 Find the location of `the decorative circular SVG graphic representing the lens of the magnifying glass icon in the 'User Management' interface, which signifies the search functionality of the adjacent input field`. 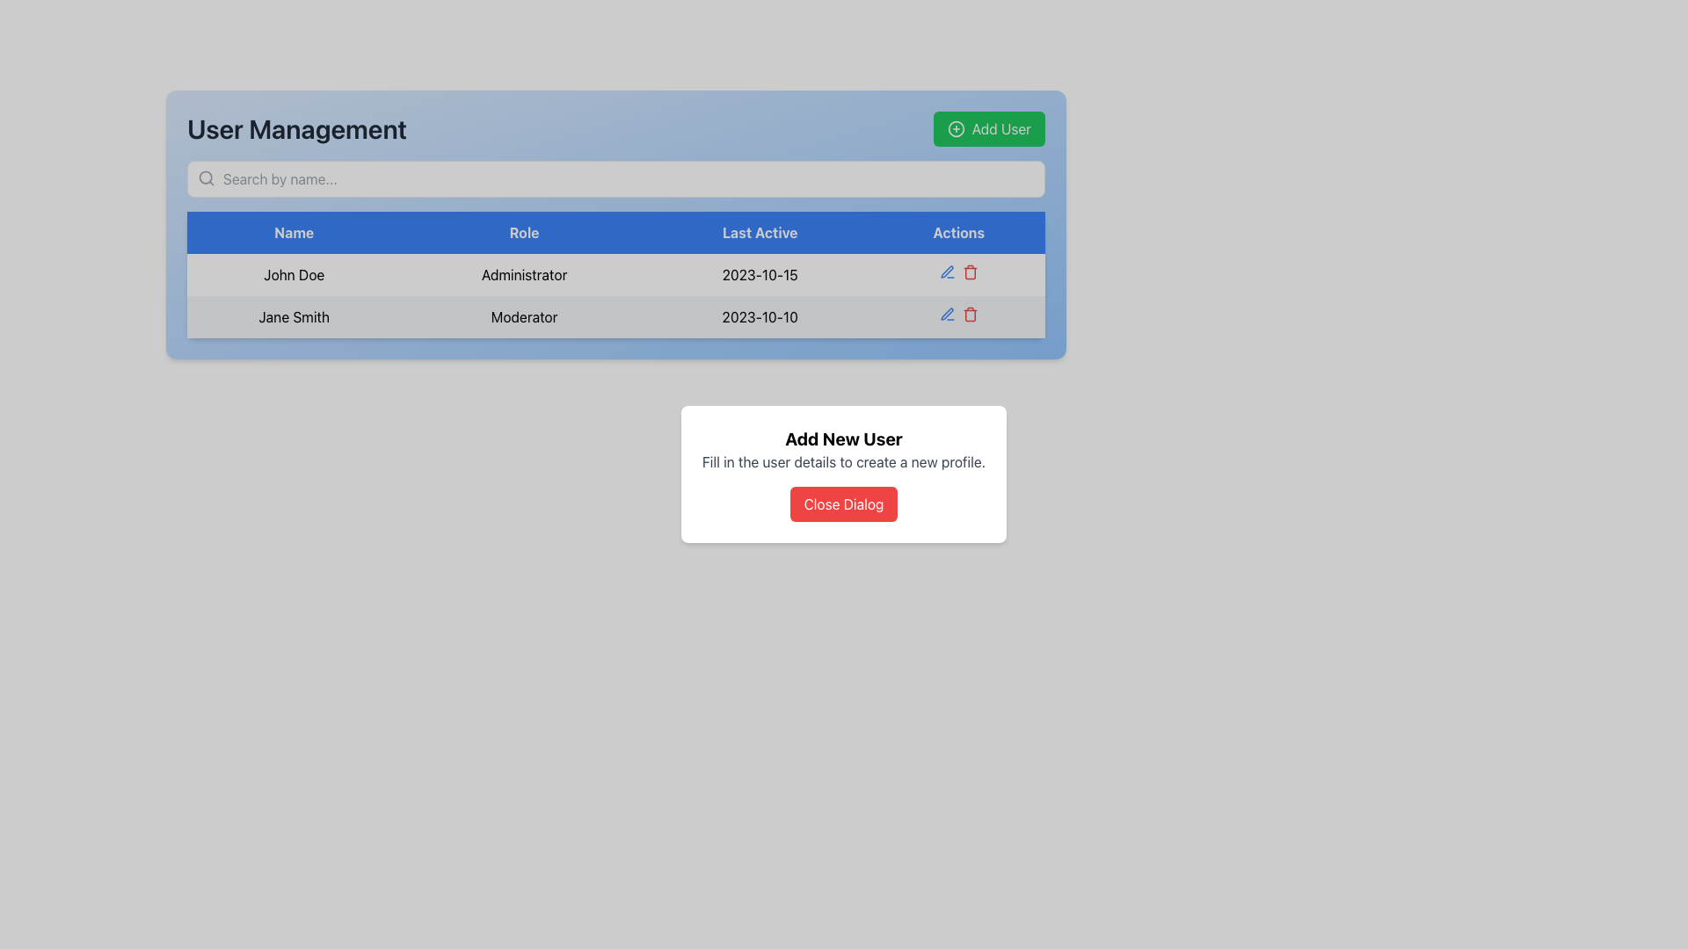

the decorative circular SVG graphic representing the lens of the magnifying glass icon in the 'User Management' interface, which signifies the search functionality of the adjacent input field is located at coordinates (206, 177).